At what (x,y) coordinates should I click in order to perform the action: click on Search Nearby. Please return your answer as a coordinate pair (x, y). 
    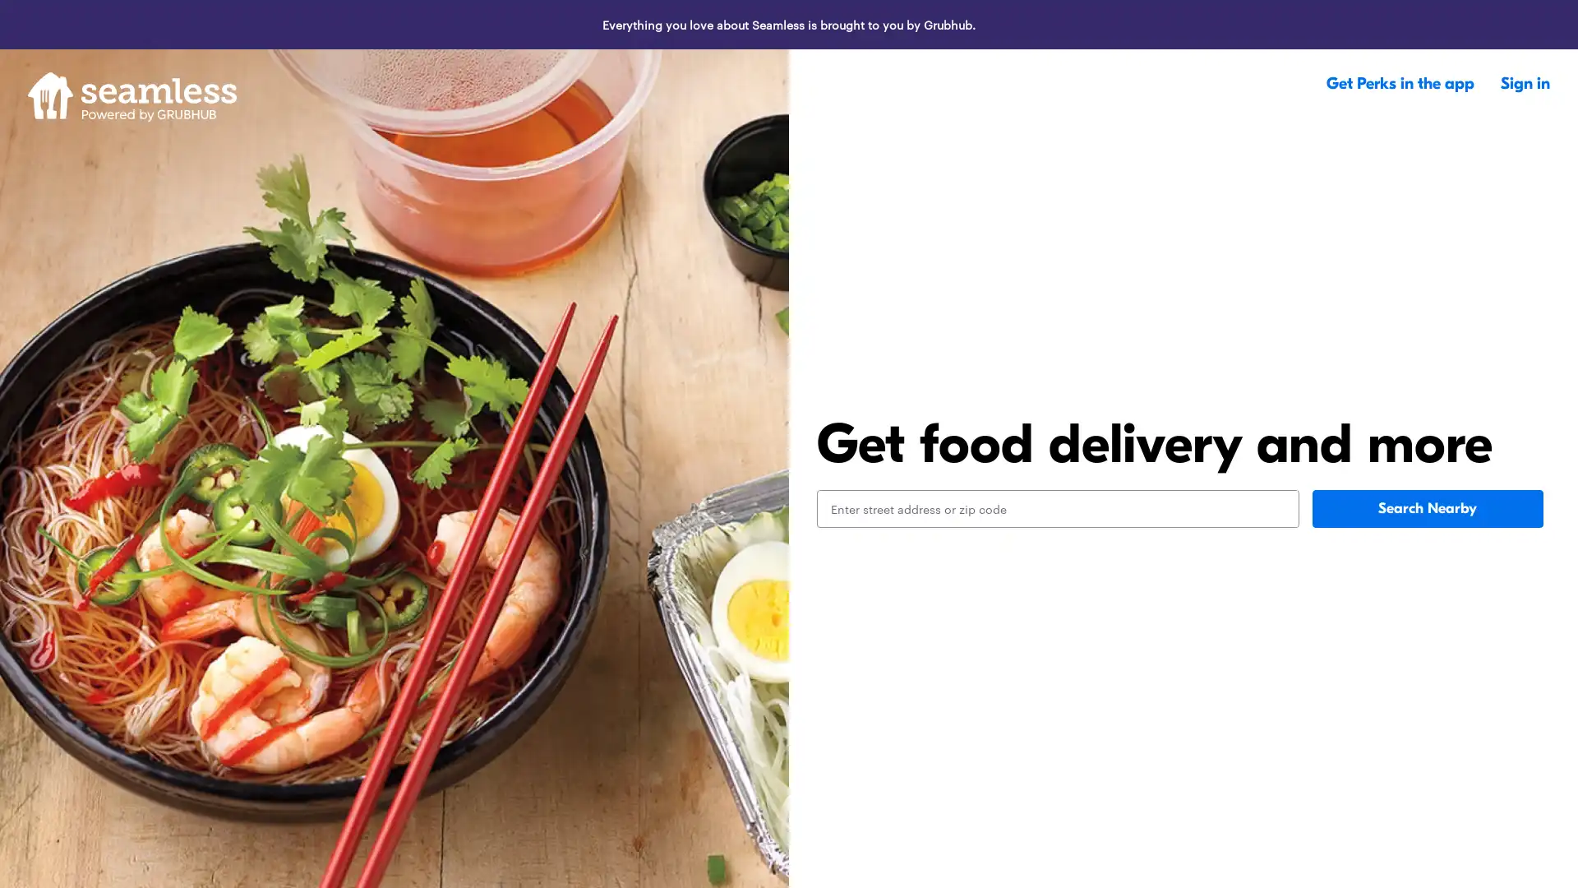
    Looking at the image, I should click on (1426, 507).